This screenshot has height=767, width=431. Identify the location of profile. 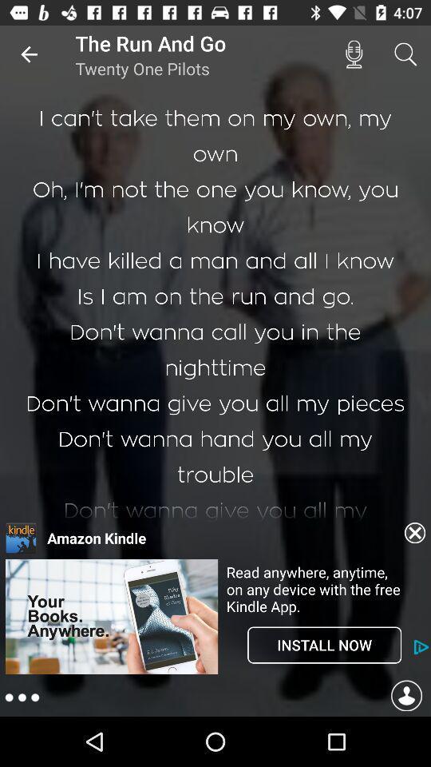
(406, 697).